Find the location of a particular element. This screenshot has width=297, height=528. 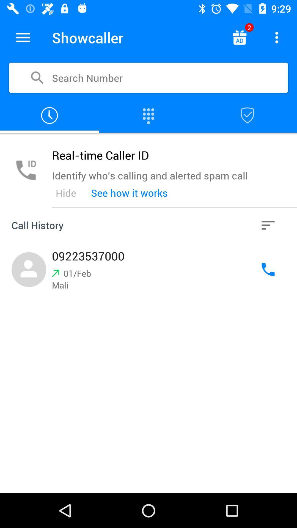

call option is located at coordinates (268, 269).